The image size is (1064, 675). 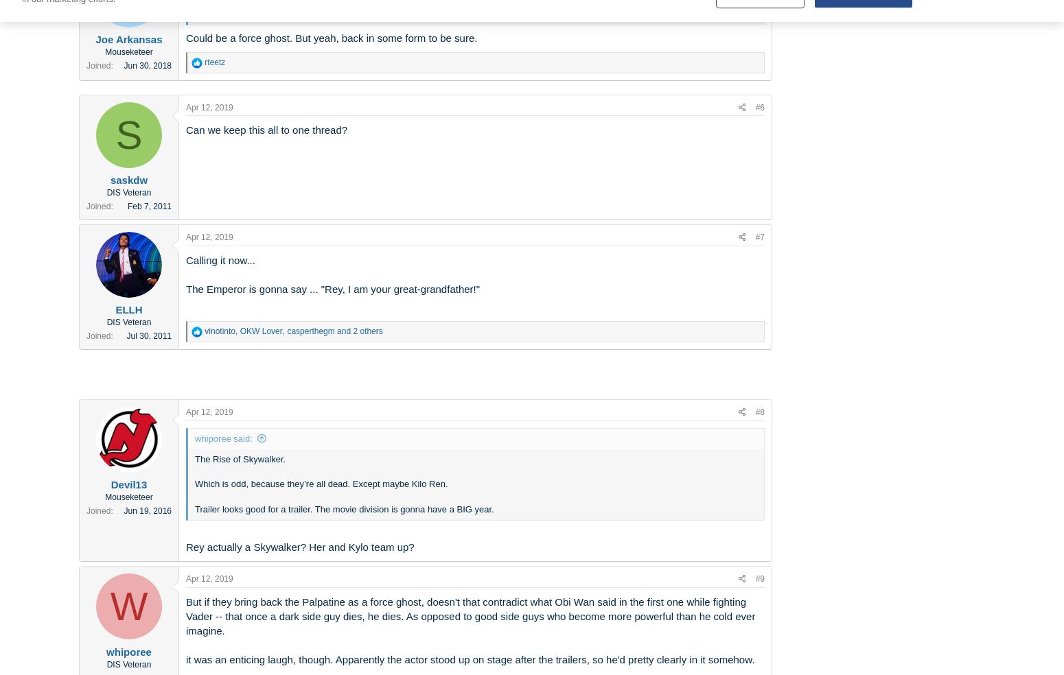 I want to click on 'whiporee', so click(x=128, y=651).